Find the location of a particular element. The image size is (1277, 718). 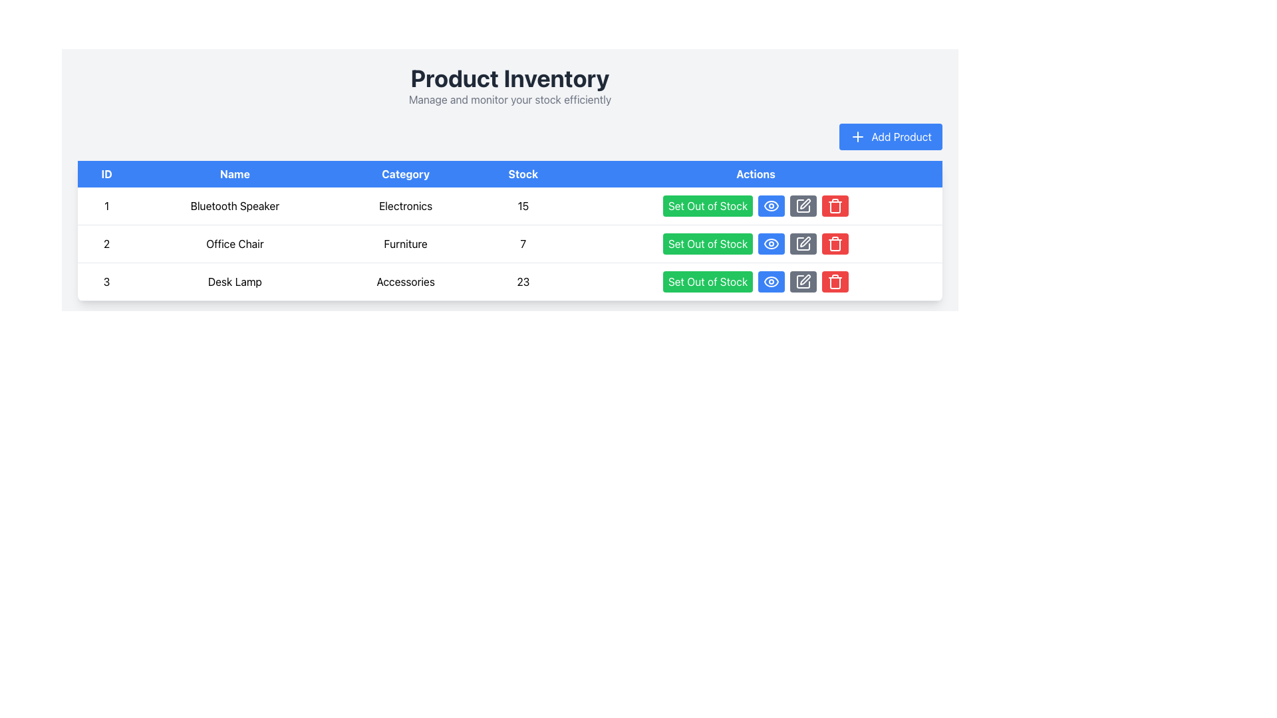

the blue-colored table header row containing the column titles 'ID', 'Name', 'Category', 'Stock', and 'Actions' is located at coordinates (509, 174).